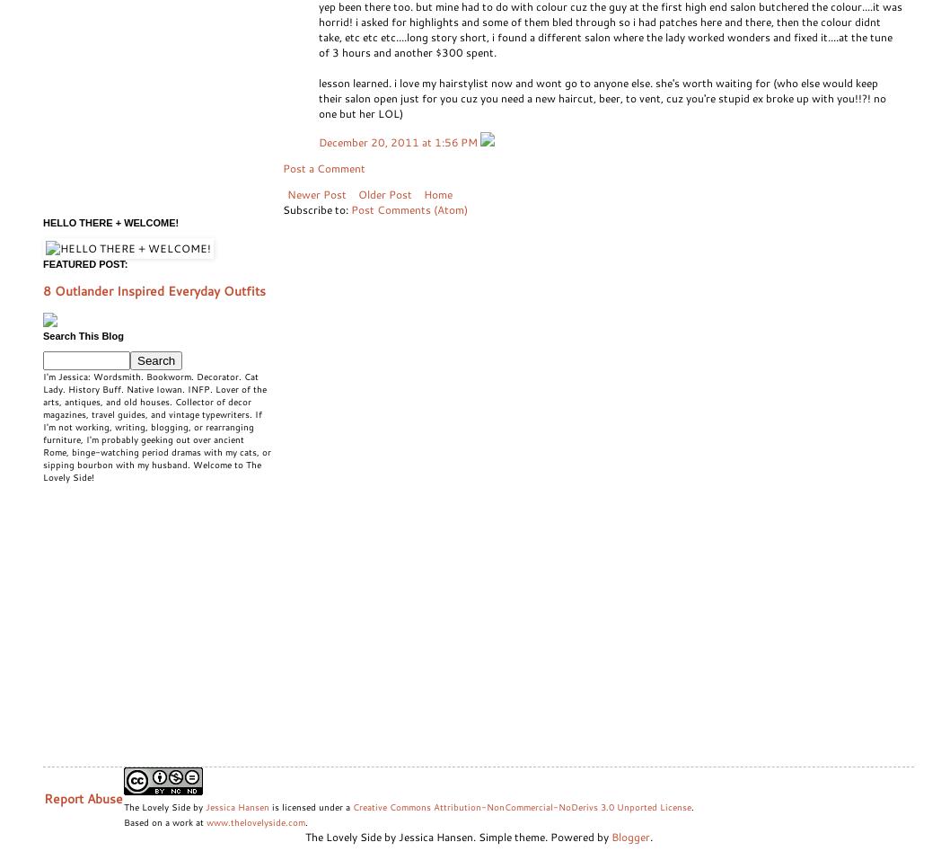 The image size is (950, 860). I want to click on 'December 20, 2011 at 1:56 PM', so click(318, 142).